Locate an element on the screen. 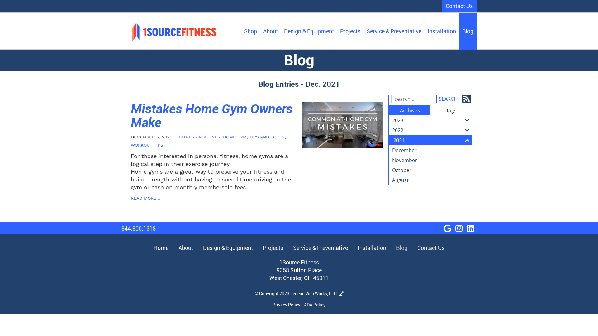  'Privacy Policy' is located at coordinates (272, 304).